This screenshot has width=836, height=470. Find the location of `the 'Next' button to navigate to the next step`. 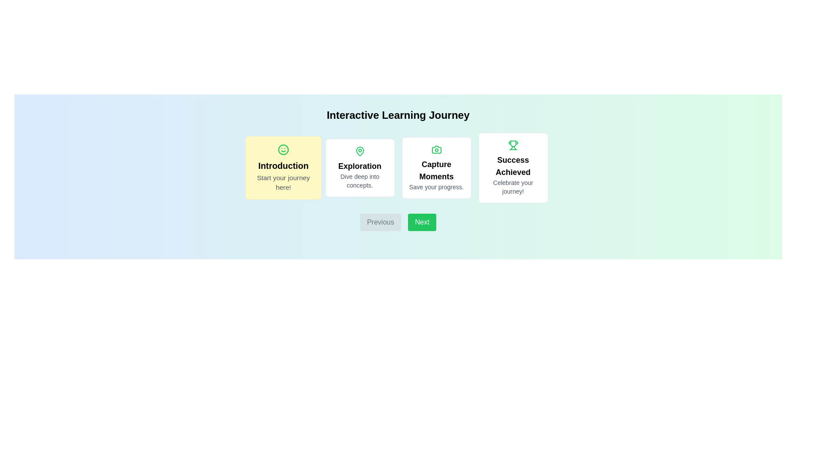

the 'Next' button to navigate to the next step is located at coordinates (422, 222).